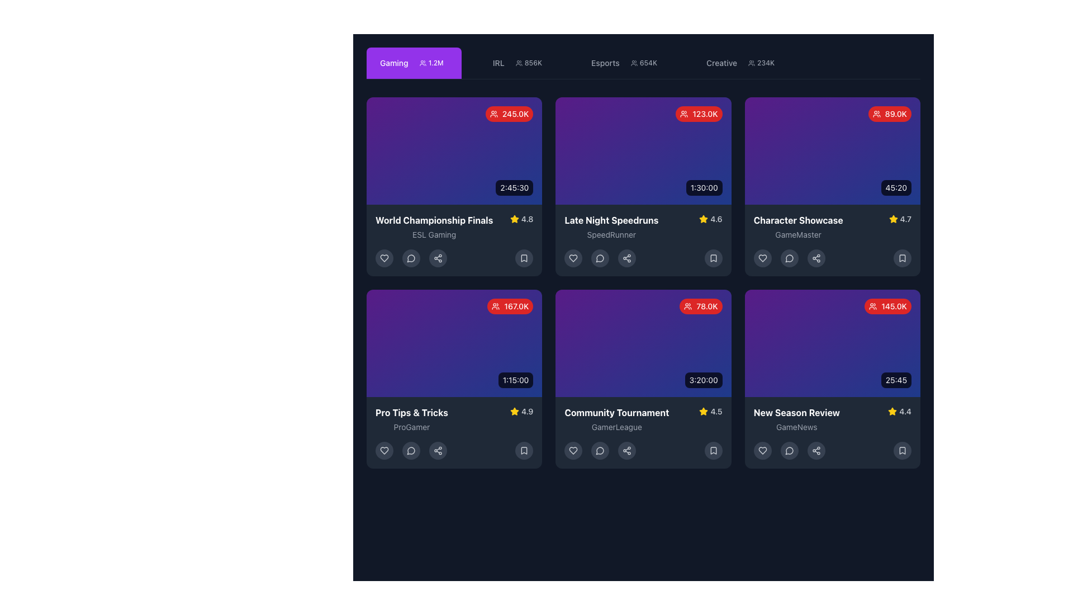 The image size is (1073, 604). Describe the element at coordinates (892, 219) in the screenshot. I see `the rating score icon located in the second row and first column item card of the grid layout, positioned to the right of the title and description text` at that location.